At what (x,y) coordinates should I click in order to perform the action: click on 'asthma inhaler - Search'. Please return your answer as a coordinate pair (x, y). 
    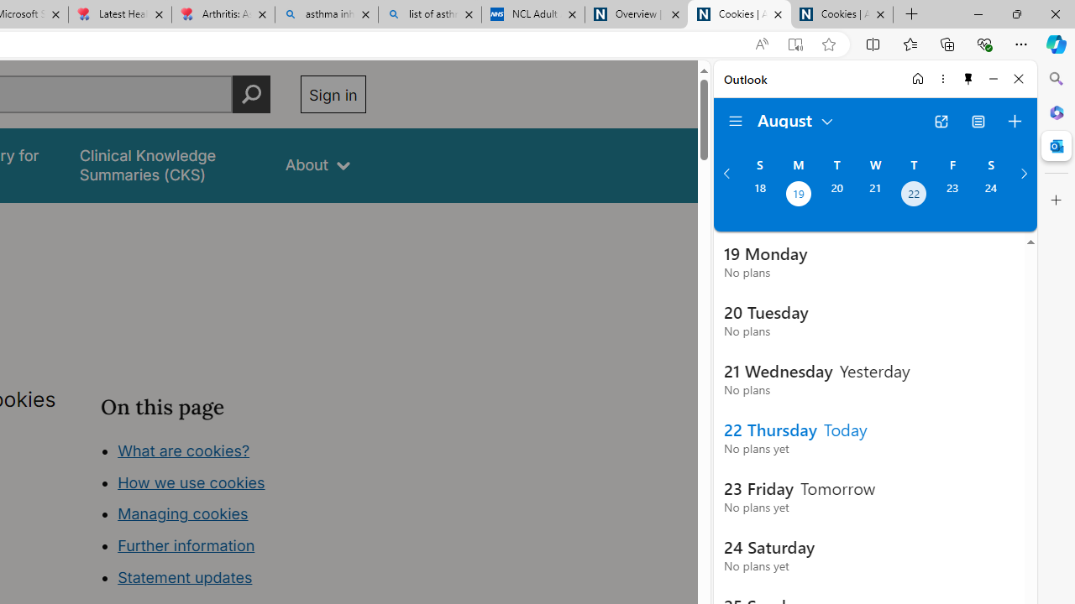
    Looking at the image, I should click on (327, 14).